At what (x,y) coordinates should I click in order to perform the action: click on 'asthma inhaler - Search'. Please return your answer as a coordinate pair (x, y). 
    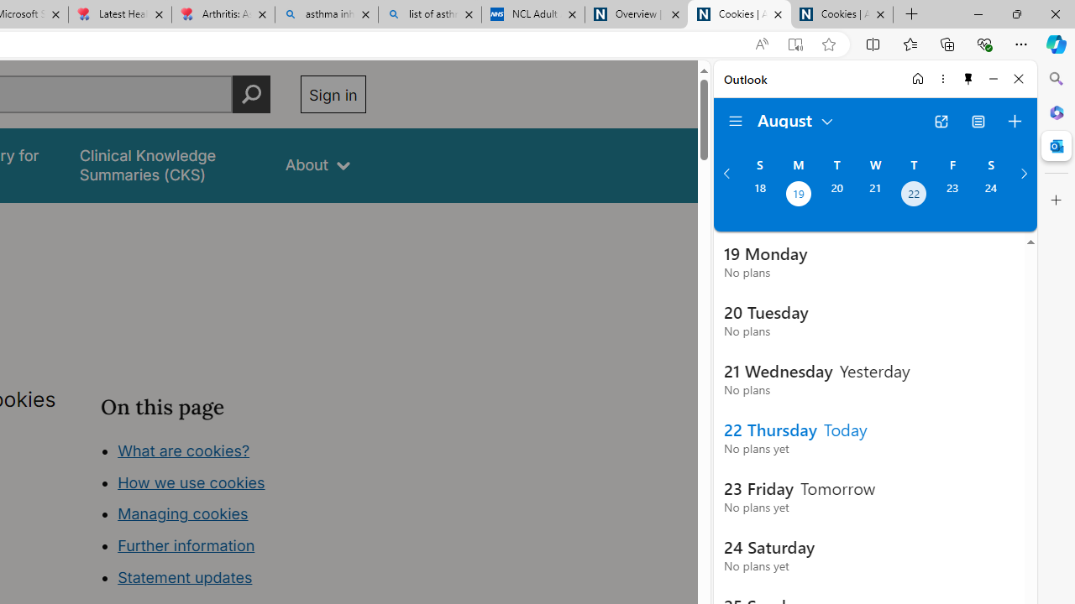
    Looking at the image, I should click on (327, 14).